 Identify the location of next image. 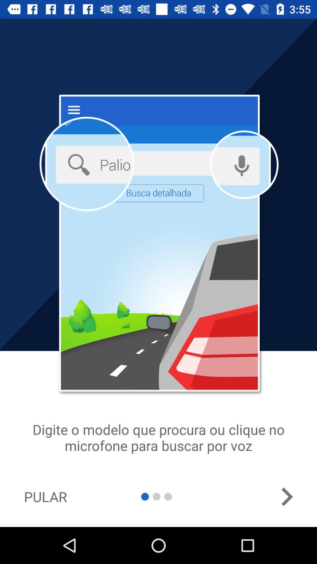
(286, 496).